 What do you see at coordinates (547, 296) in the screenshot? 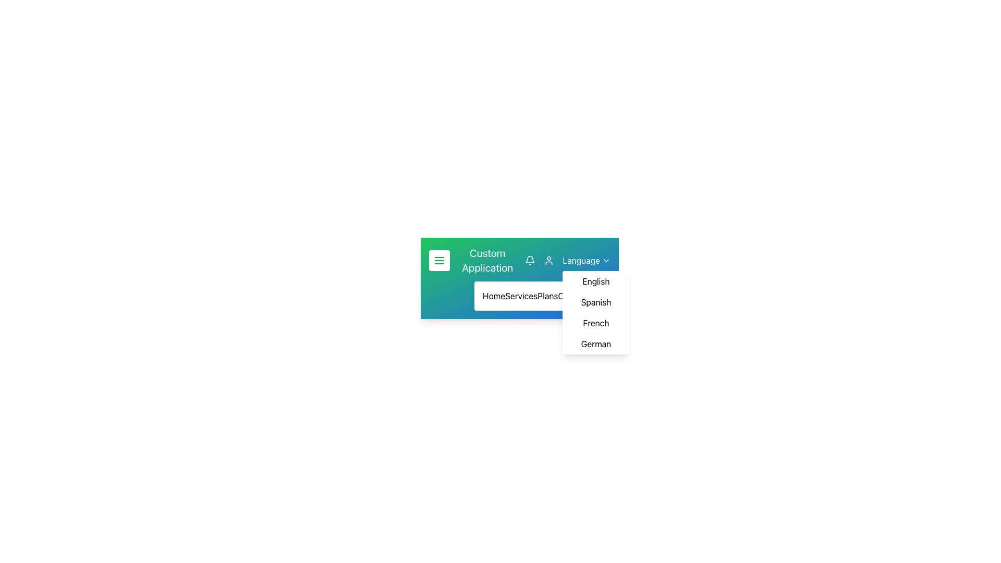
I see `the 'Plans' text link in the horizontal navigation bar` at bounding box center [547, 296].